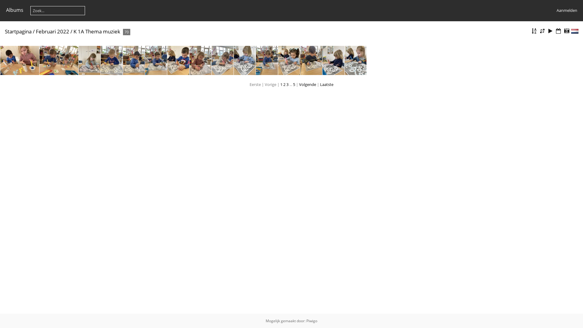 Image resolution: width=583 pixels, height=328 pixels. I want to click on 'Februari 2022', so click(52, 31).